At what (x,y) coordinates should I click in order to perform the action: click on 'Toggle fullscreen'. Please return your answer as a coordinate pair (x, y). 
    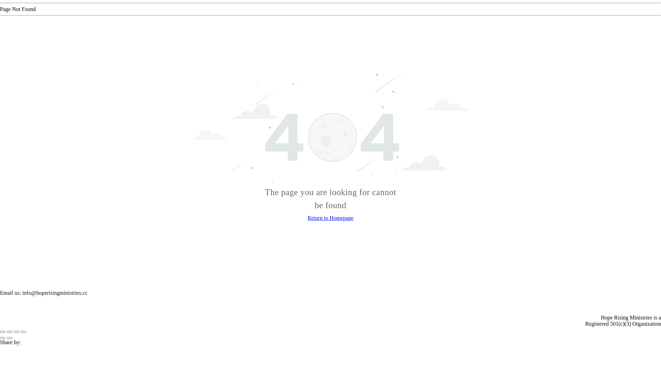
    Looking at the image, I should click on (17, 331).